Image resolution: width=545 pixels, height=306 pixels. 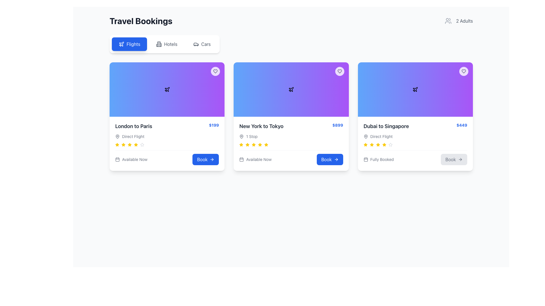 I want to click on message from the Label with a calendar icon that displays 'Available Now', located in the second card of the row, above the 'Book' button, so click(x=255, y=160).